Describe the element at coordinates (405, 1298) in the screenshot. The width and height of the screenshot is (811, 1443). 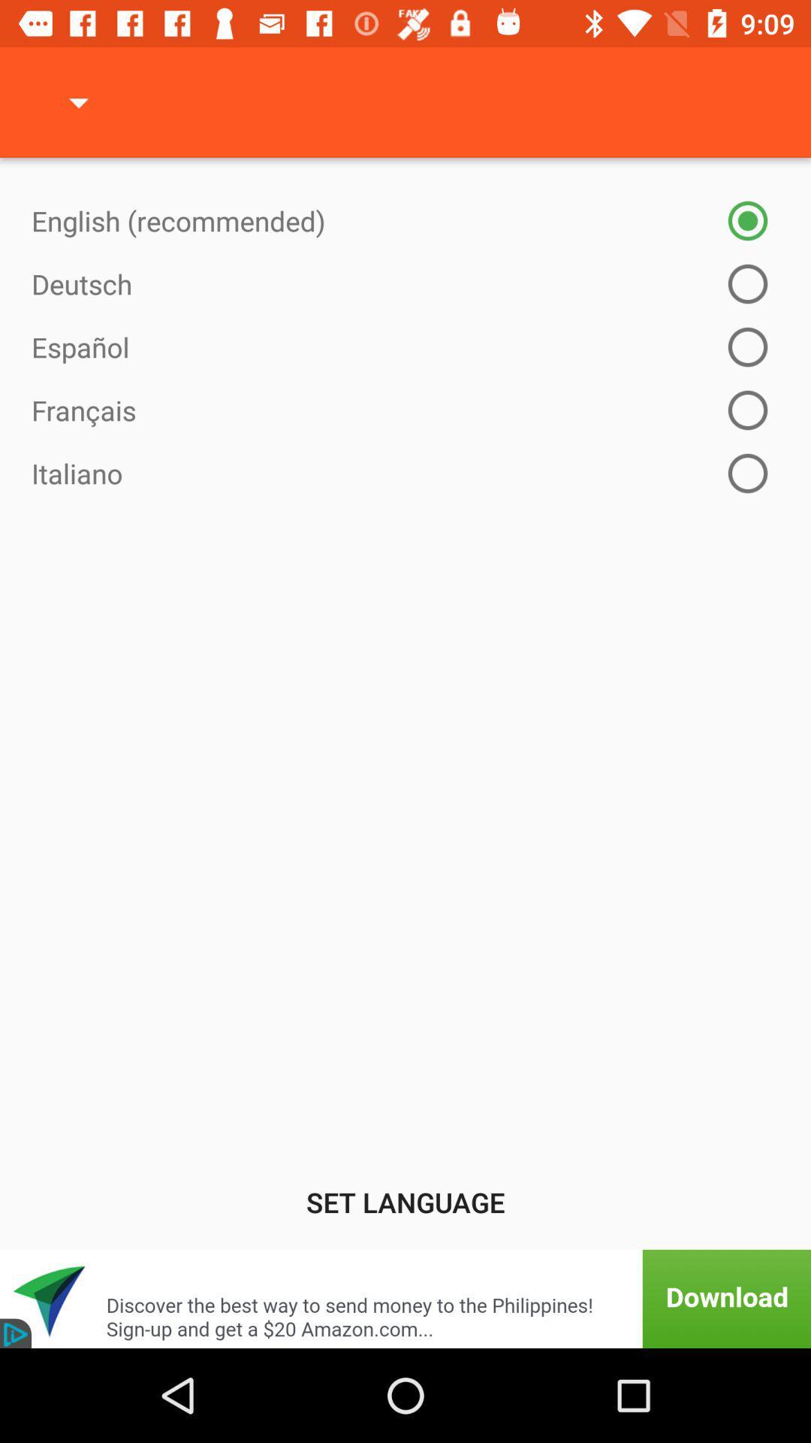
I see `icon below set language item` at that location.